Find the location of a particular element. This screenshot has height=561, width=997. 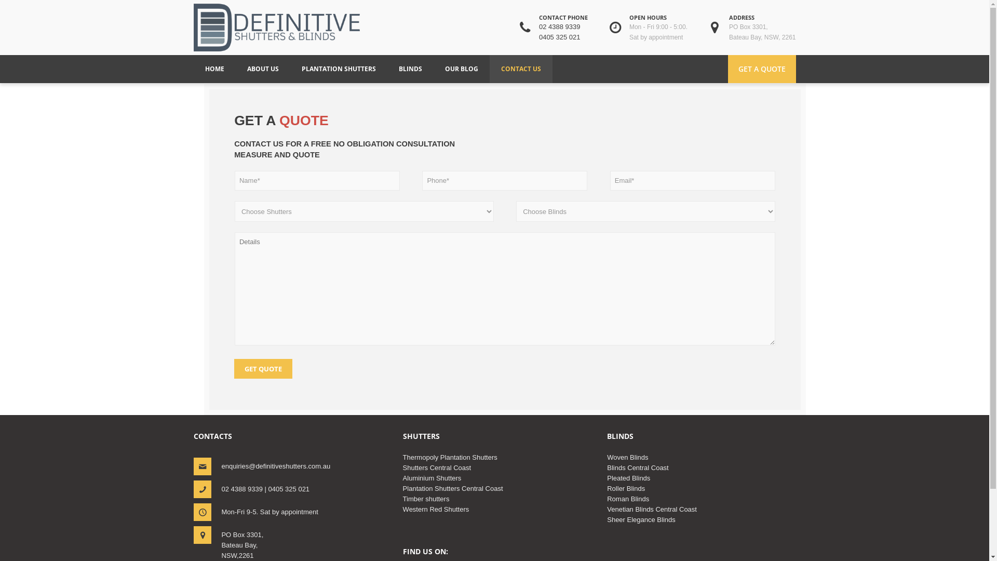

'Plantation Shutters Central Coast' is located at coordinates (453, 488).